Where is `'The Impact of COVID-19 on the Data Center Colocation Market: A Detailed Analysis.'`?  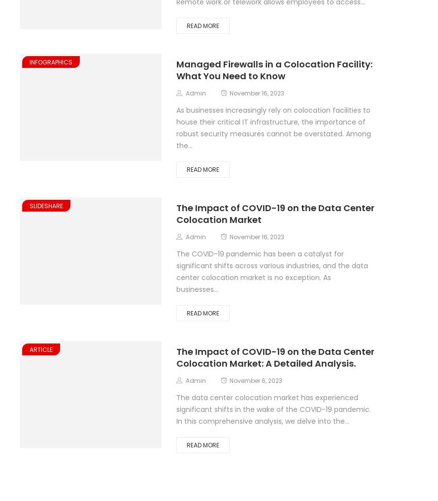
'The Impact of COVID-19 on the Data Center Colocation Market: A Detailed Analysis.' is located at coordinates (275, 356).